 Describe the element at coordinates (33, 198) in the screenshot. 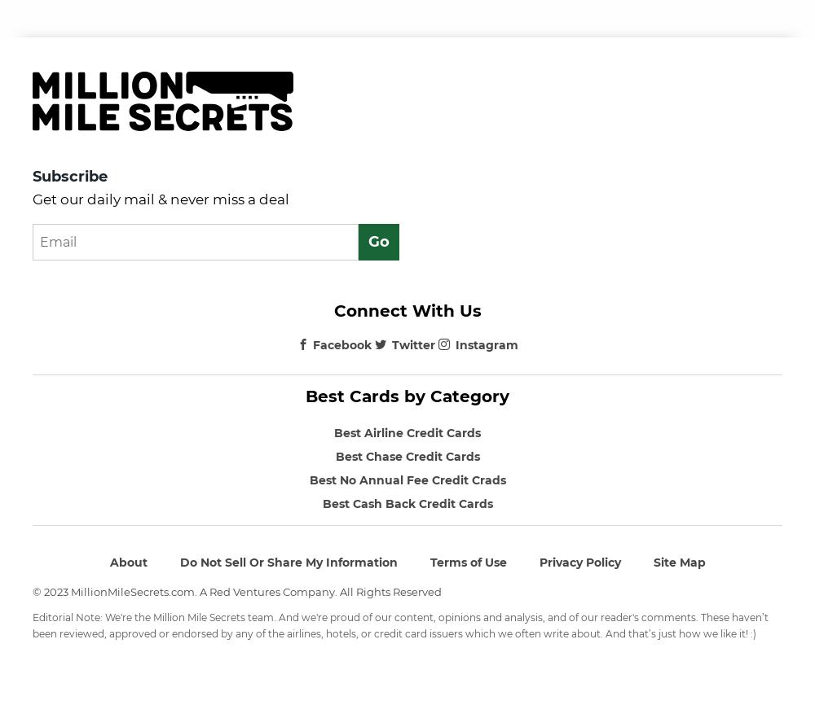

I see `'Get our daily mail & never miss a deal'` at that location.